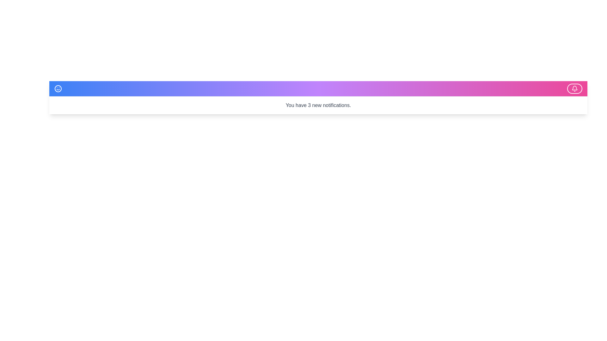  What do you see at coordinates (59, 89) in the screenshot?
I see `the smiley face icon, which is white against a blue background and located at the top-left corner of the bar` at bounding box center [59, 89].